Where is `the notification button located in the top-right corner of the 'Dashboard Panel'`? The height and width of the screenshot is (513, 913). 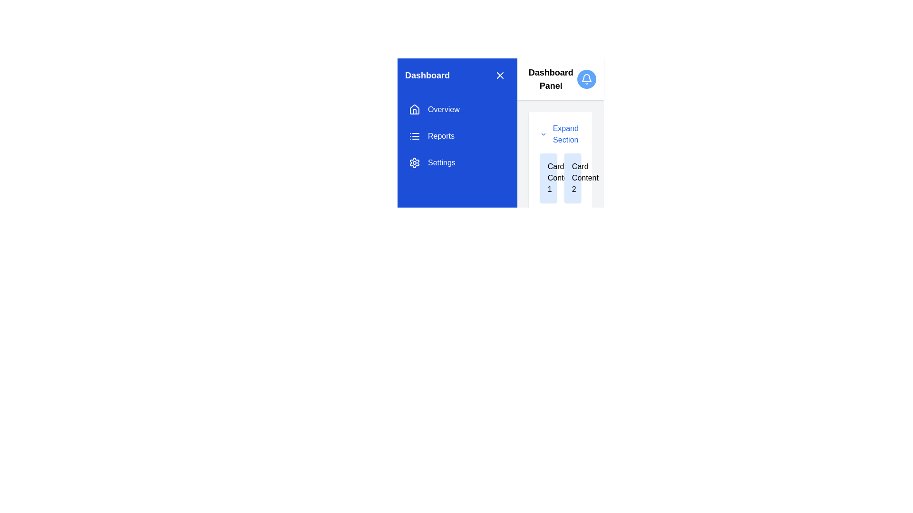
the notification button located in the top-right corner of the 'Dashboard Panel' is located at coordinates (586, 78).